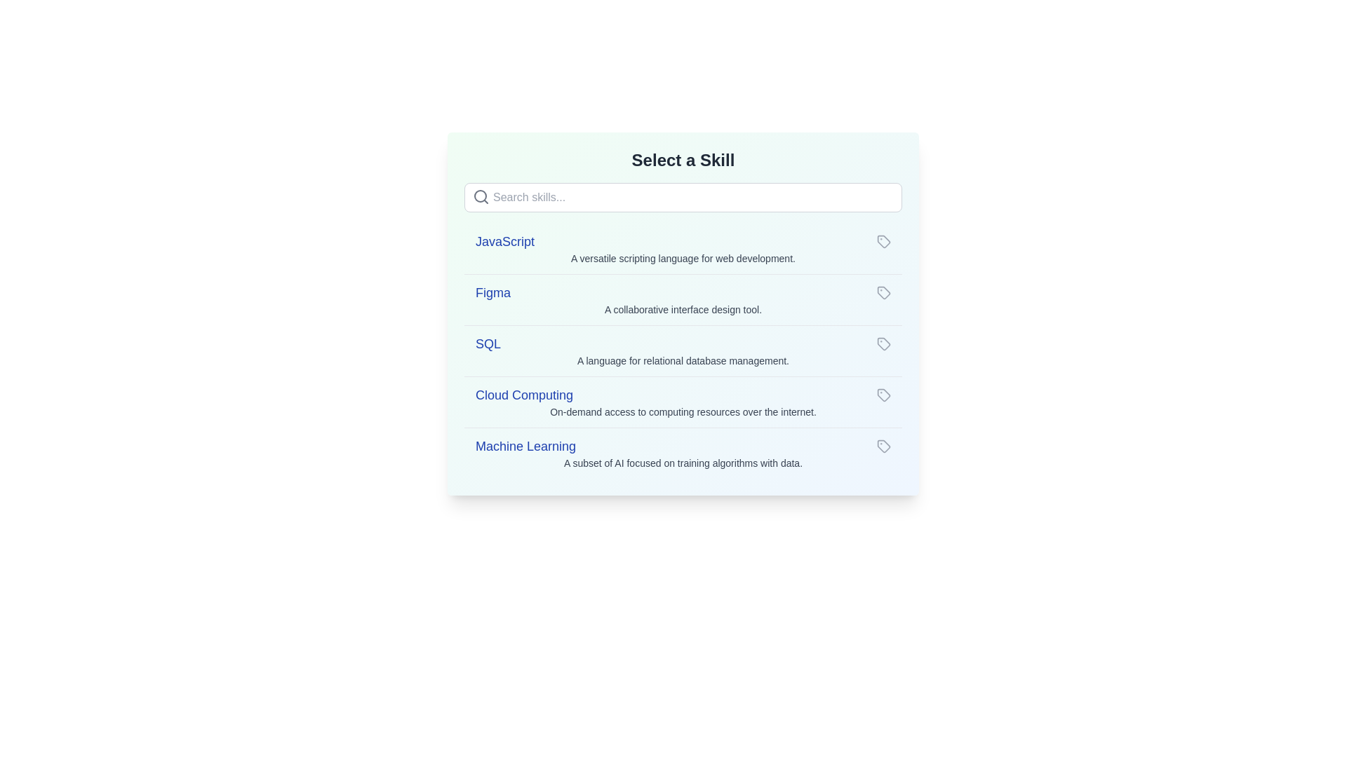 The image size is (1347, 757). Describe the element at coordinates (883, 292) in the screenshot. I see `the Tag Icon, which is a sharp rectangular icon with a pointed corner, located to the far-right of the 'Figma' list entry and vertically centered within the entry row` at that location.